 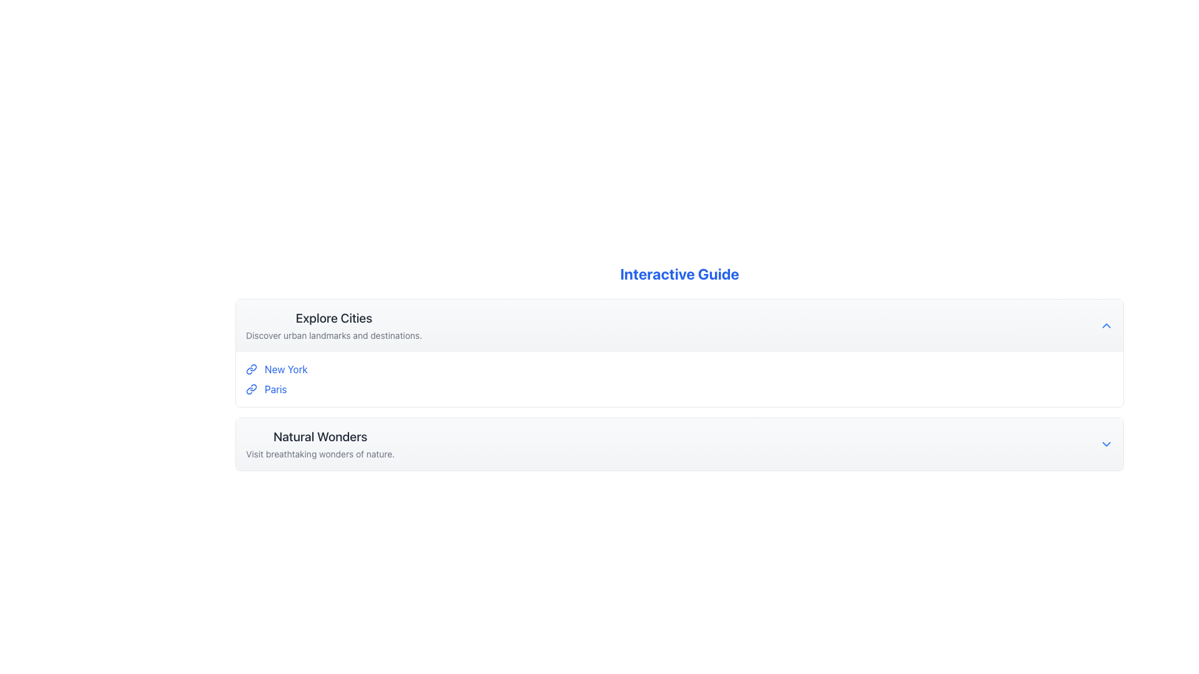 I want to click on the navigation text link for New York located in the 'Explore Cities' section, positioned above the link for Paris, so click(x=285, y=368).